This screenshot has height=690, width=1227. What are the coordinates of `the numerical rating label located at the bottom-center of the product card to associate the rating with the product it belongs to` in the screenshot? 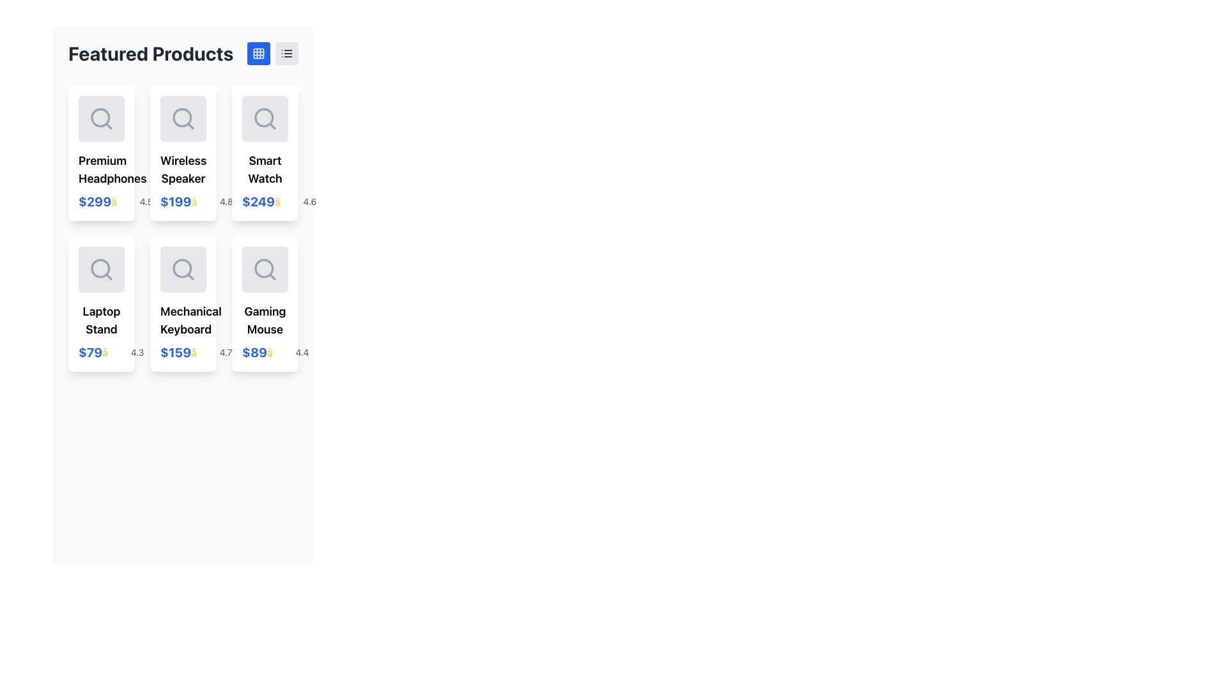 It's located at (226, 352).